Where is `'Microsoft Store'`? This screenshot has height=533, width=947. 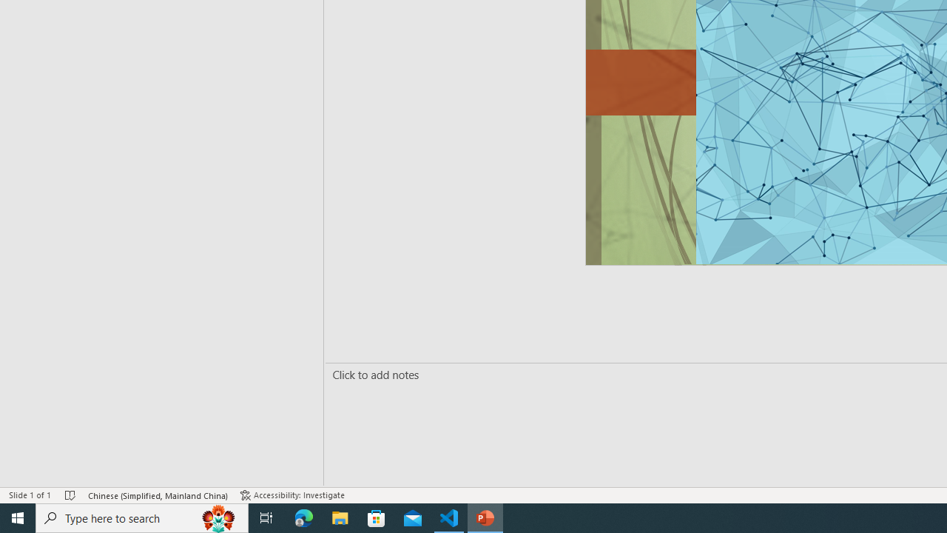
'Microsoft Store' is located at coordinates (377, 517).